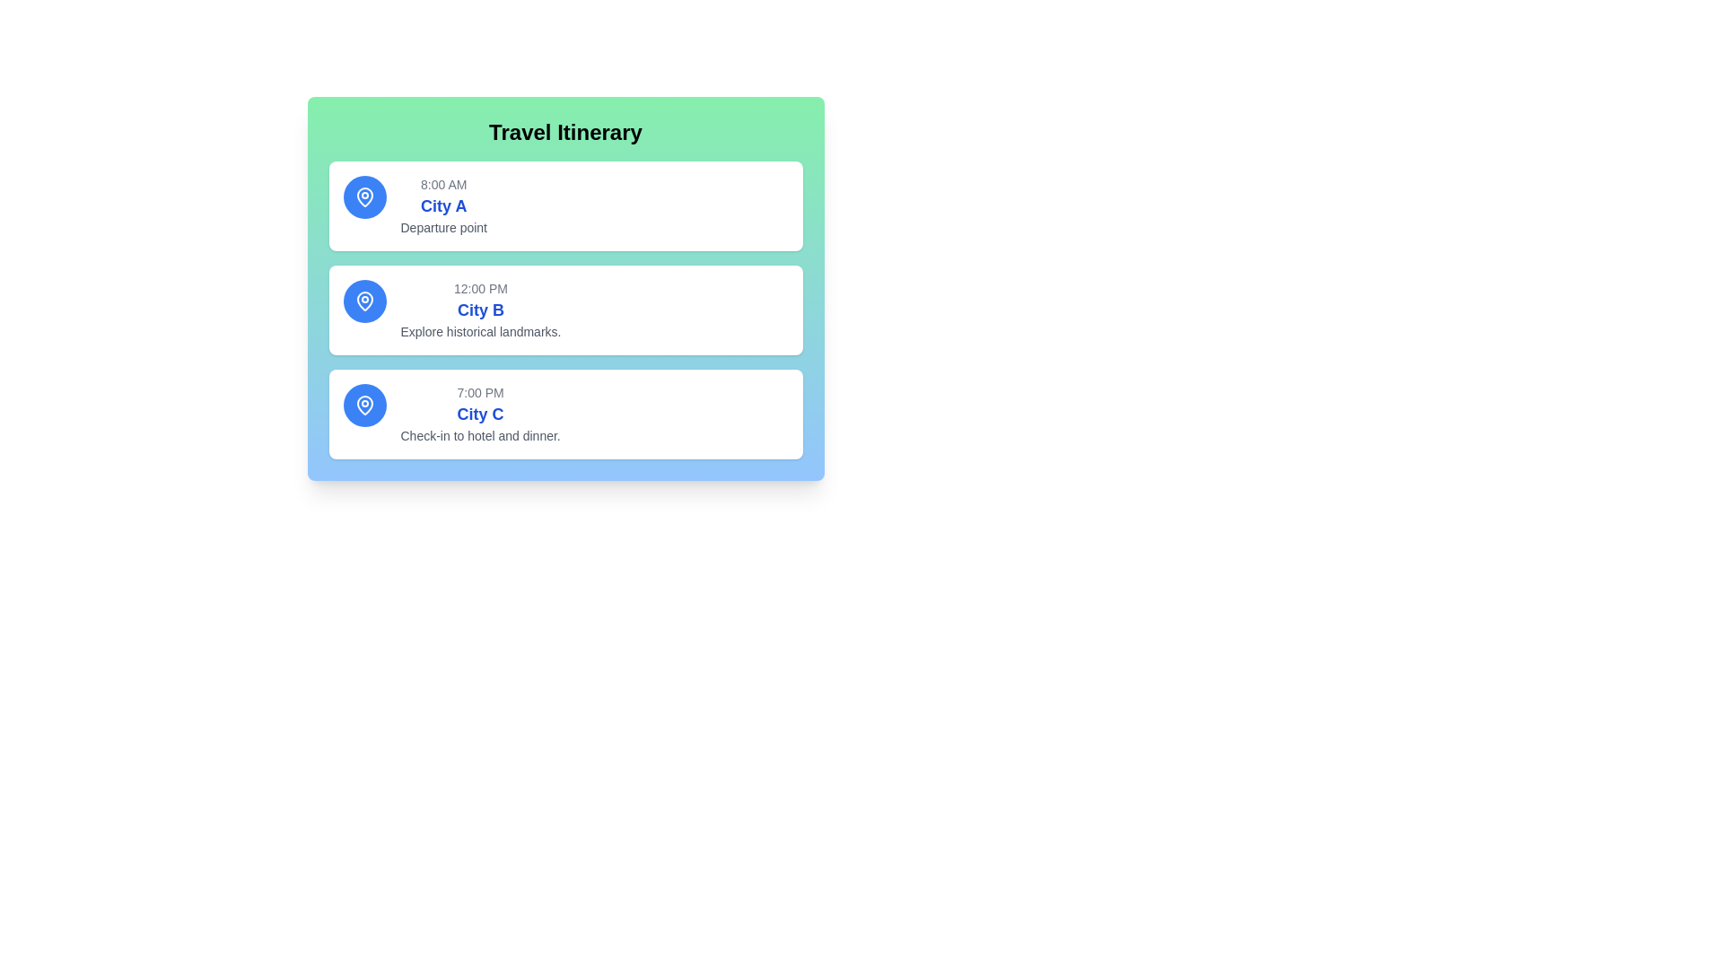 This screenshot has width=1723, height=969. I want to click on the circular icon button located in the lower box representing 'City C' in the travel itinerary section, so click(363, 405).